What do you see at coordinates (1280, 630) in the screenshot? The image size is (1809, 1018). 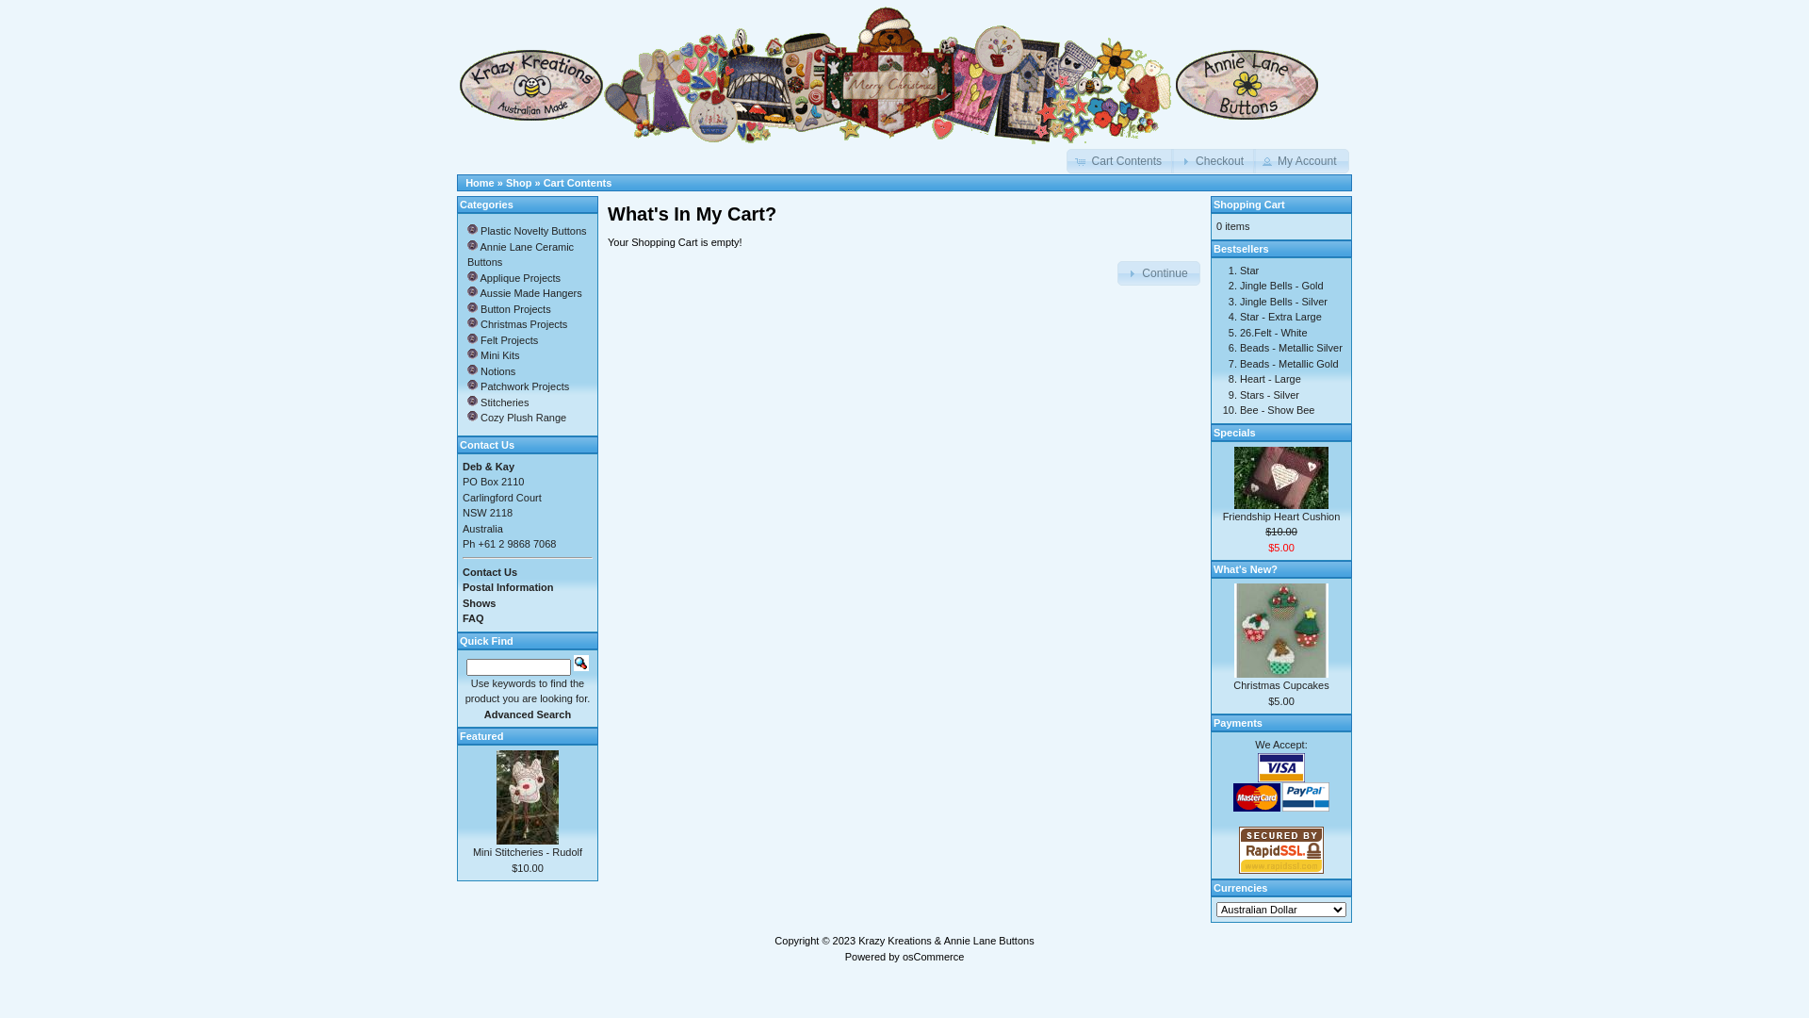 I see `'Christmas Cupcakes'` at bounding box center [1280, 630].